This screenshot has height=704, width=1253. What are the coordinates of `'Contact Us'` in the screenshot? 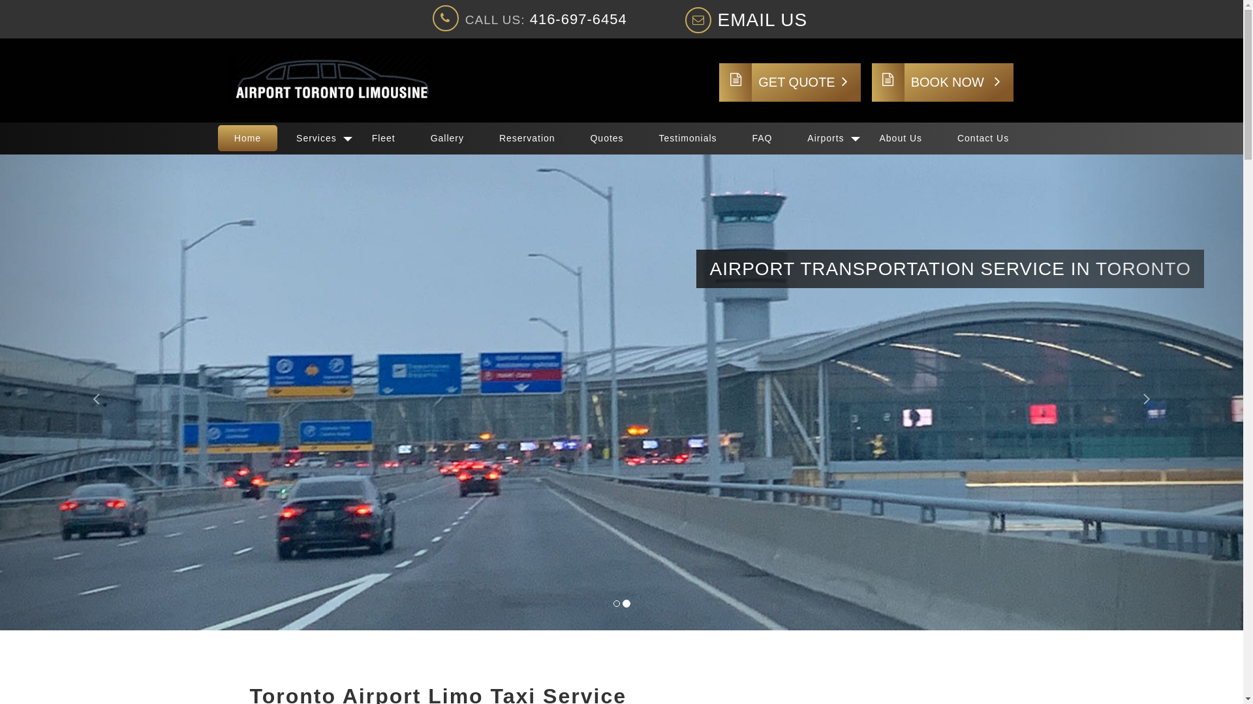 It's located at (983, 138).